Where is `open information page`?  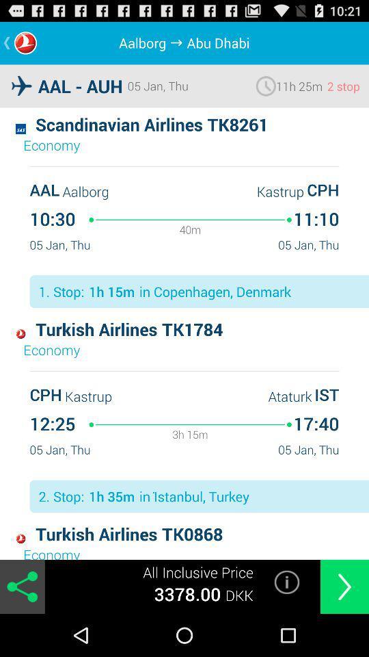 open information page is located at coordinates (286, 581).